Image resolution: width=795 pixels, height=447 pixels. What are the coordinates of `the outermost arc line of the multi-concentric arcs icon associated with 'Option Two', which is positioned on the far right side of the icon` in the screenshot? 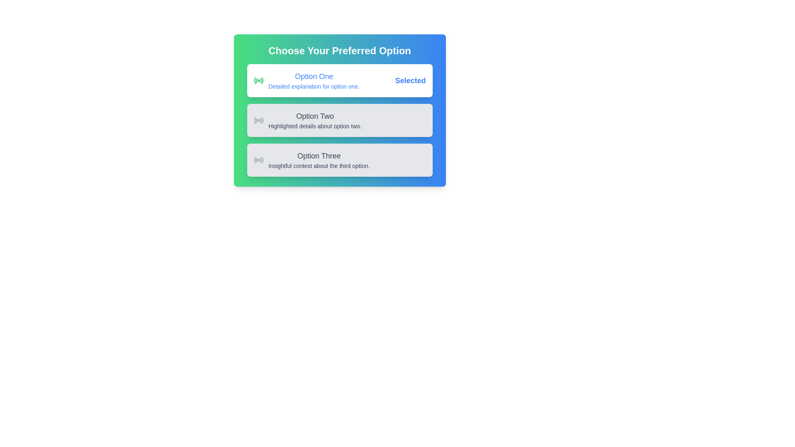 It's located at (262, 120).